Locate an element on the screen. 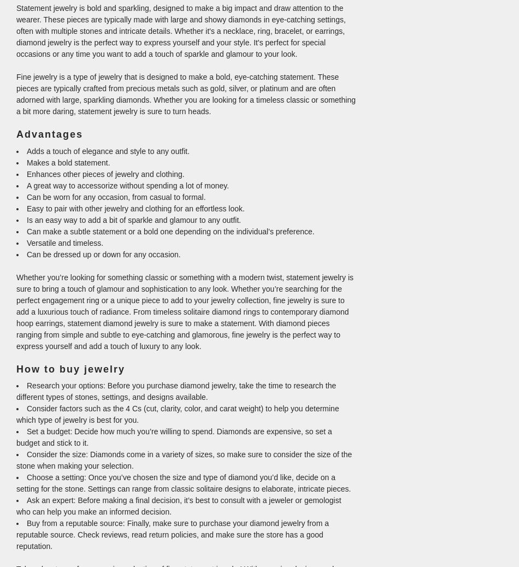 This screenshot has height=567, width=519. 'Ask an expert: Before making a final decision, it’s best to consult with a jeweler or gemologist who can help you make an informed decision.' is located at coordinates (178, 506).